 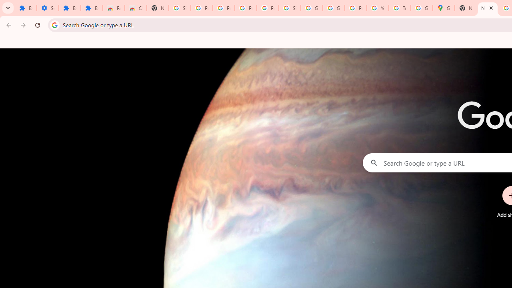 What do you see at coordinates (4, 4) in the screenshot?
I see `'System'` at bounding box center [4, 4].